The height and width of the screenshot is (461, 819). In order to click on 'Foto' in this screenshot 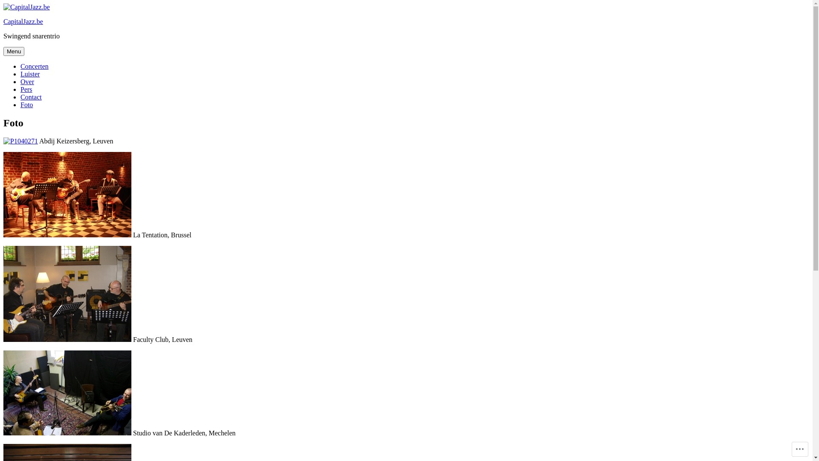, I will do `click(26, 104)`.